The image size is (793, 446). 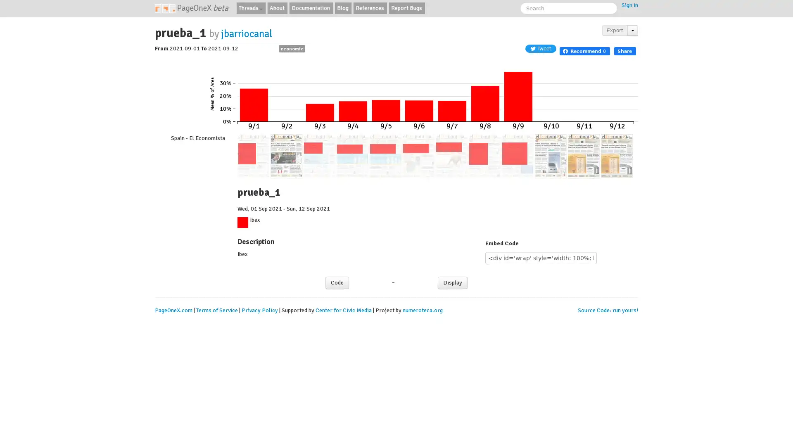 What do you see at coordinates (615, 30) in the screenshot?
I see `Export` at bounding box center [615, 30].